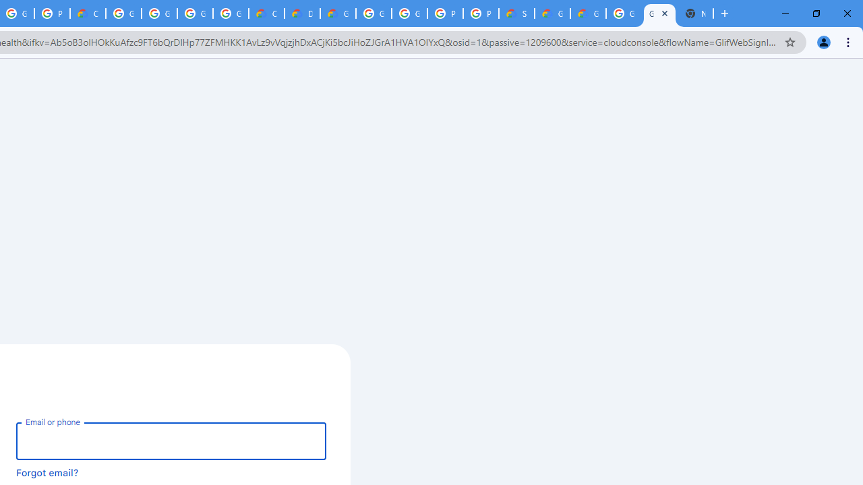 Image resolution: width=863 pixels, height=485 pixels. Describe the element at coordinates (171, 441) in the screenshot. I see `'Email or phone'` at that location.